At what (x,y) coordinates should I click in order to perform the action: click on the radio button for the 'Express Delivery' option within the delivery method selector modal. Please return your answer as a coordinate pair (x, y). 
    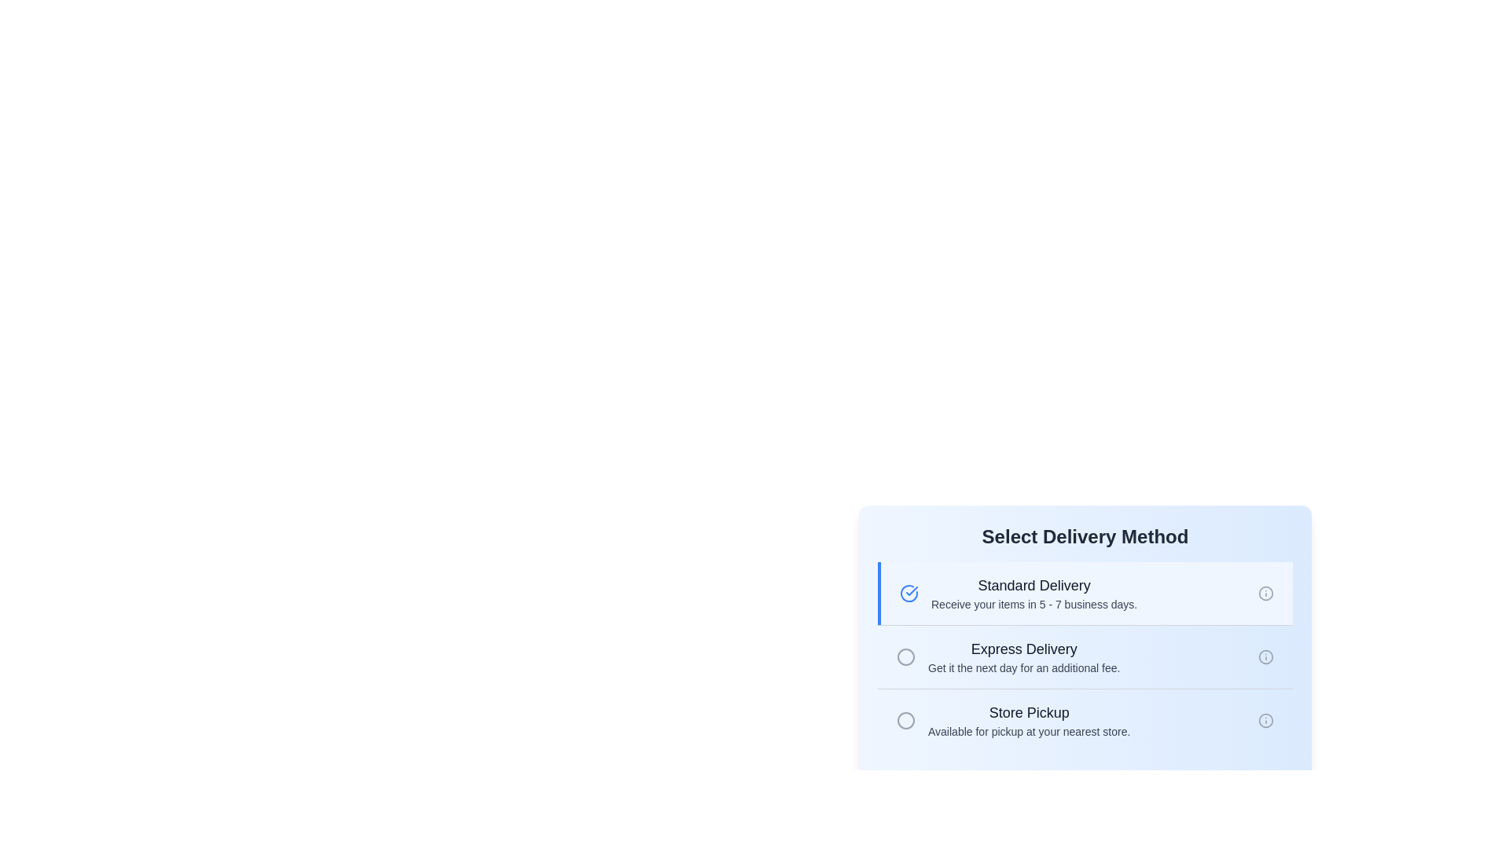
    Looking at the image, I should click on (1085, 659).